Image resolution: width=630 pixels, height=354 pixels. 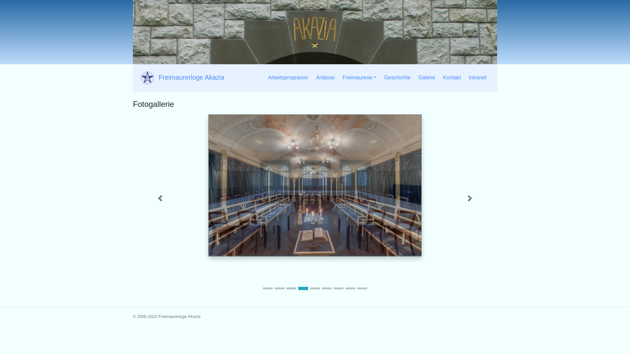 I want to click on 'Galerie', so click(x=427, y=77).